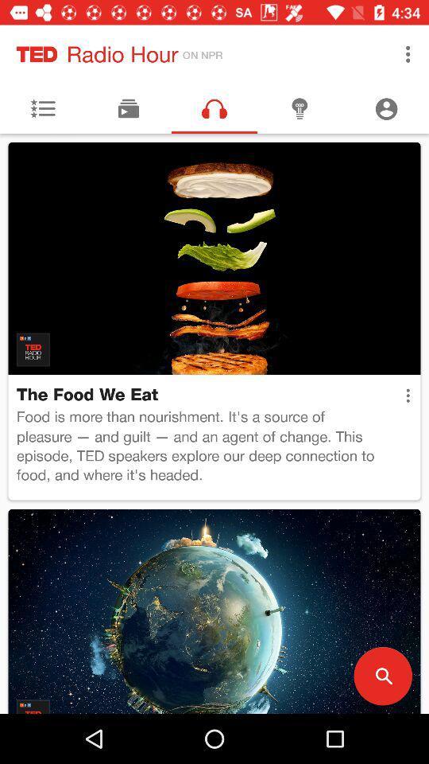 This screenshot has width=429, height=764. Describe the element at coordinates (408, 395) in the screenshot. I see `the item to the right of the food is more item` at that location.